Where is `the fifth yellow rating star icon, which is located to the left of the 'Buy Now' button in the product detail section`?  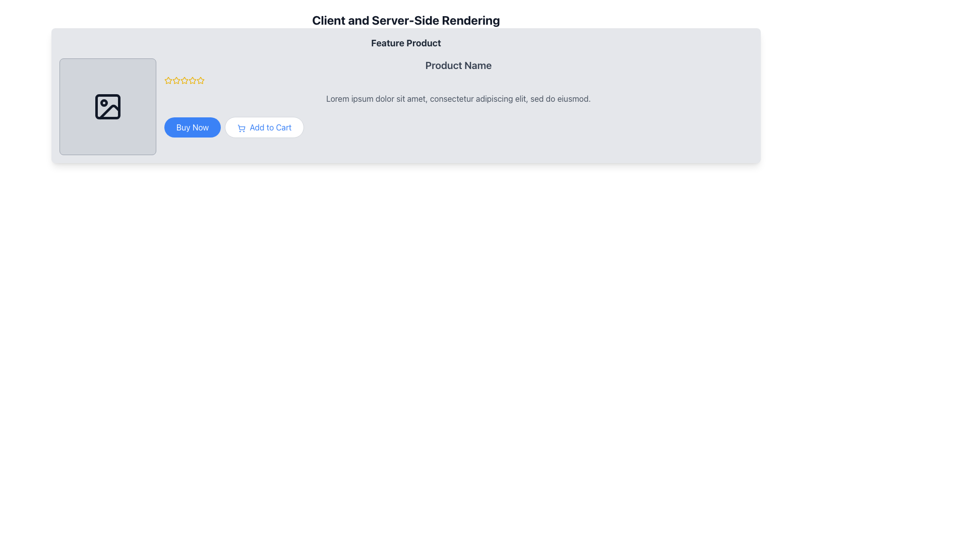 the fifth yellow rating star icon, which is located to the left of the 'Buy Now' button in the product detail section is located at coordinates (201, 80).